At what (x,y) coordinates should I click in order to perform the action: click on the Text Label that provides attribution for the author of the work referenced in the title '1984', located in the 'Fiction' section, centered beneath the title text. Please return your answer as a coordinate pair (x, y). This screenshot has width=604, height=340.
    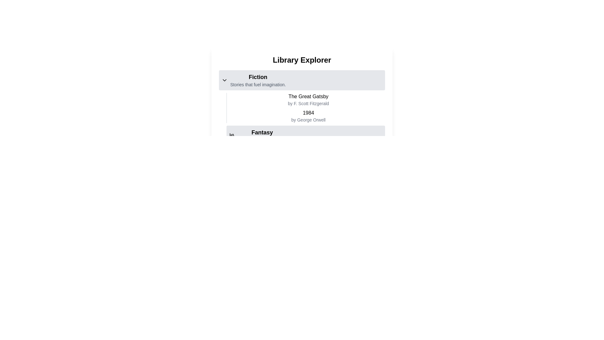
    Looking at the image, I should click on (308, 120).